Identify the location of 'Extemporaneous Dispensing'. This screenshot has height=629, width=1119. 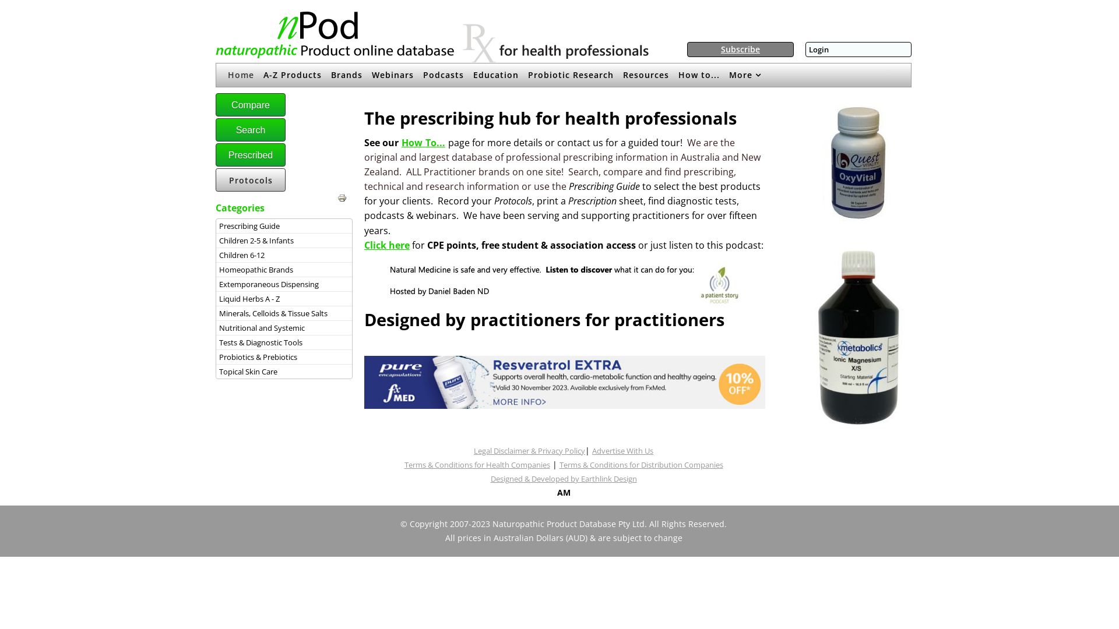
(284, 284).